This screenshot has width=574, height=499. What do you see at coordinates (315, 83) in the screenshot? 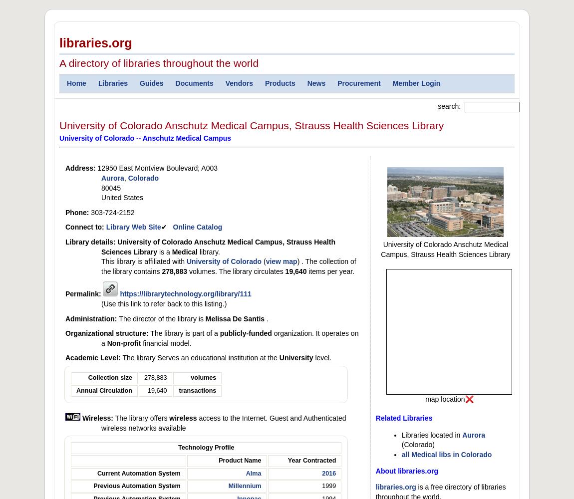
I see `'News'` at bounding box center [315, 83].